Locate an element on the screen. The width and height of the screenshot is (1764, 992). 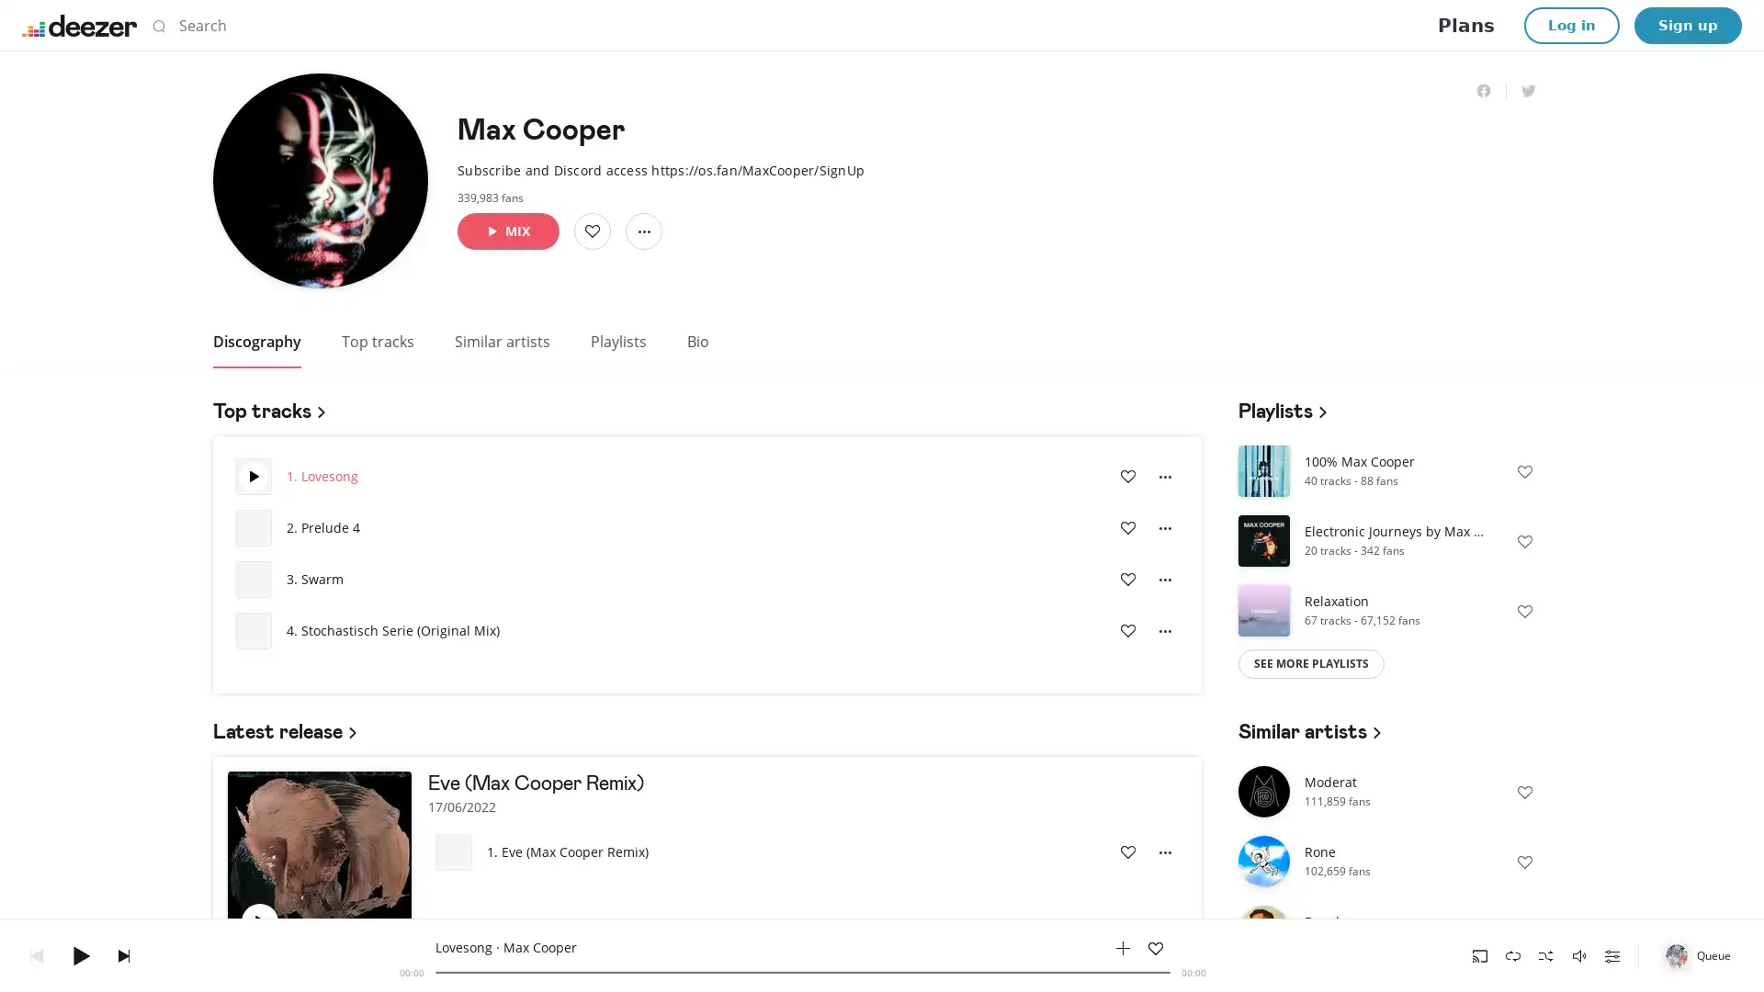
MIX is located at coordinates (508, 229).